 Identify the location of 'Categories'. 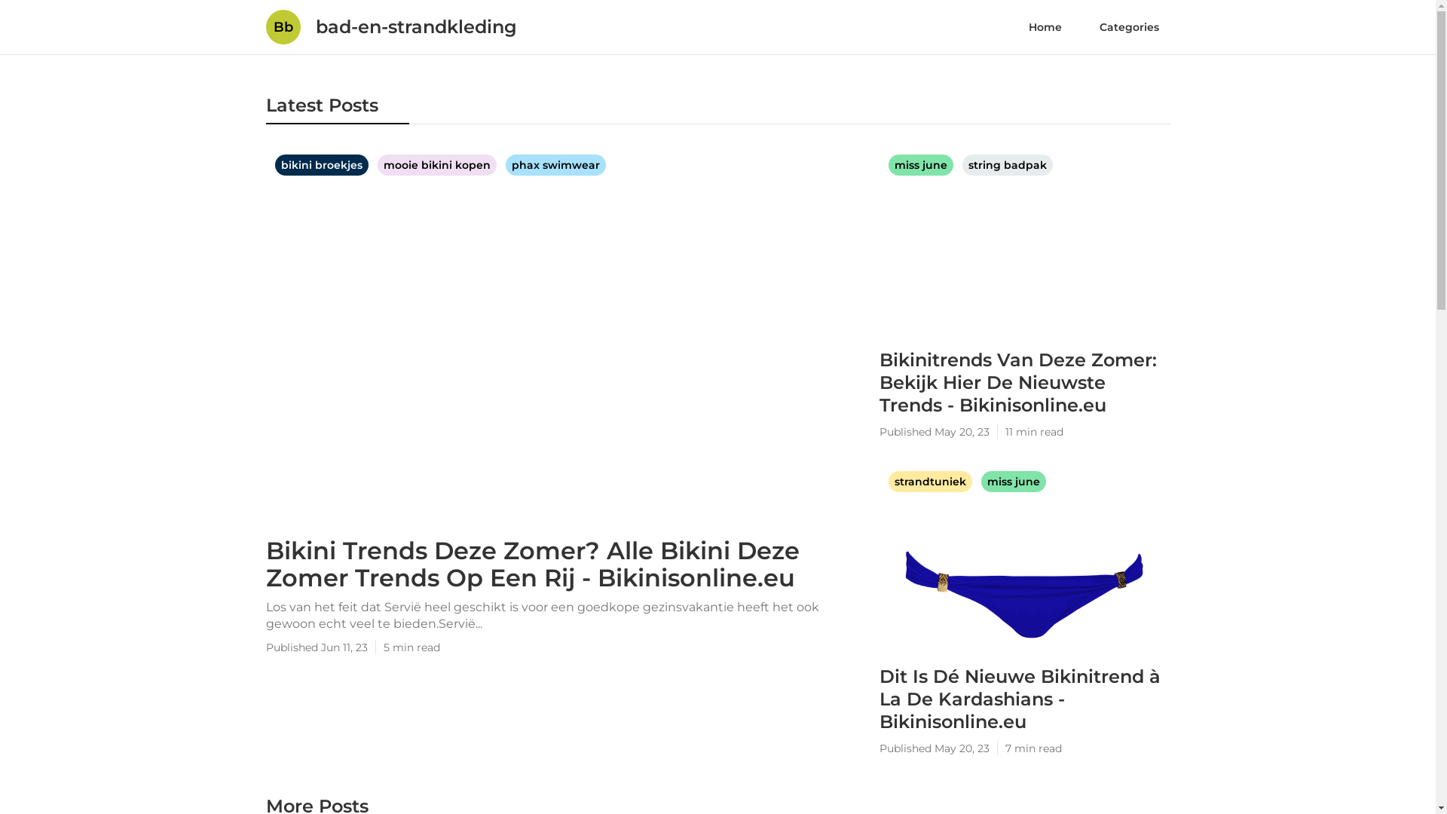
(1129, 26).